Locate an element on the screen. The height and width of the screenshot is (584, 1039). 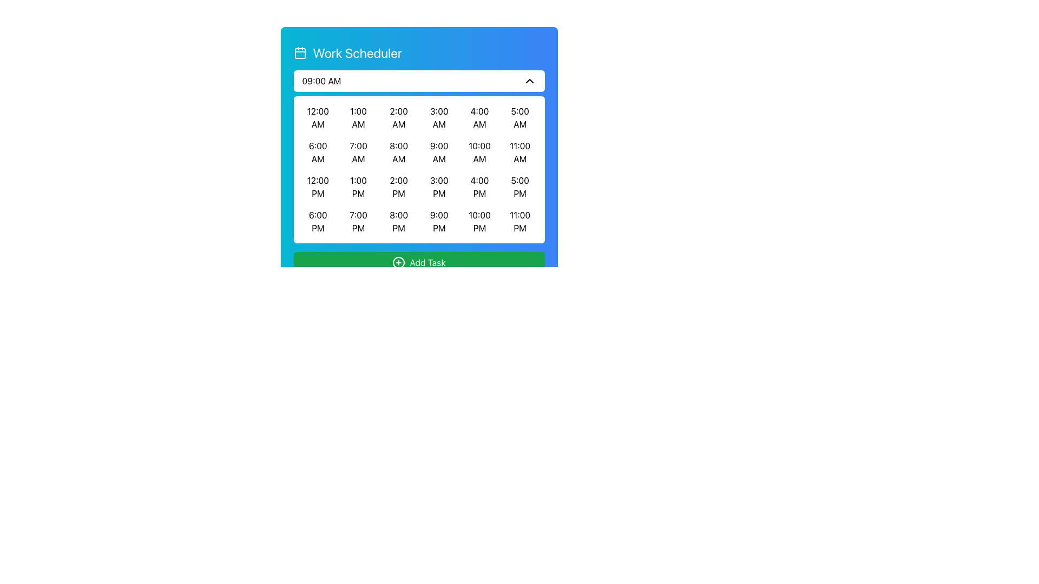
the time option '09:00 AM' in the Time selection grid, which is presented in a tabular format beneath the current time dropdown is located at coordinates (418, 156).